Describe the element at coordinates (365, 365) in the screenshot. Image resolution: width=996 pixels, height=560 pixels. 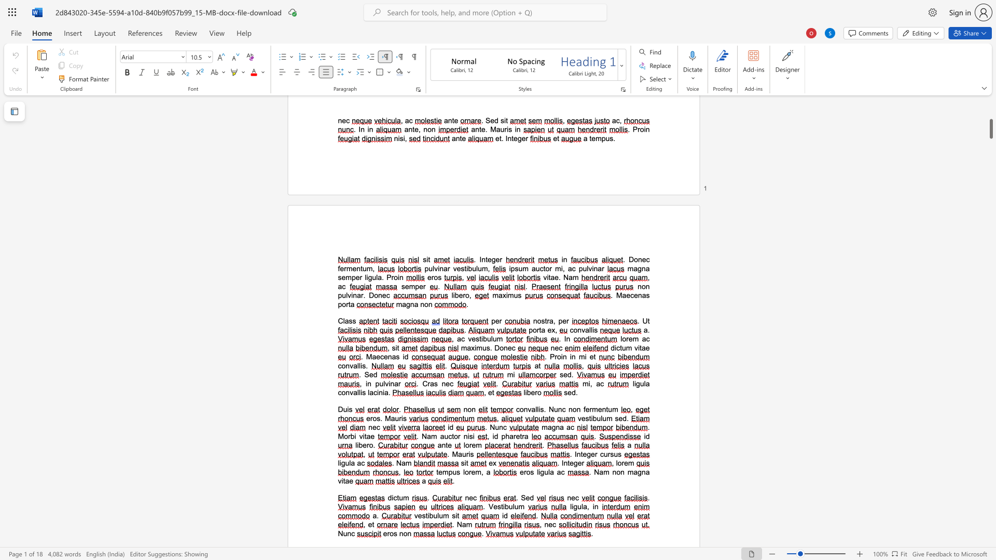
I see `the space between the continuous character "s" and "." in the text` at that location.